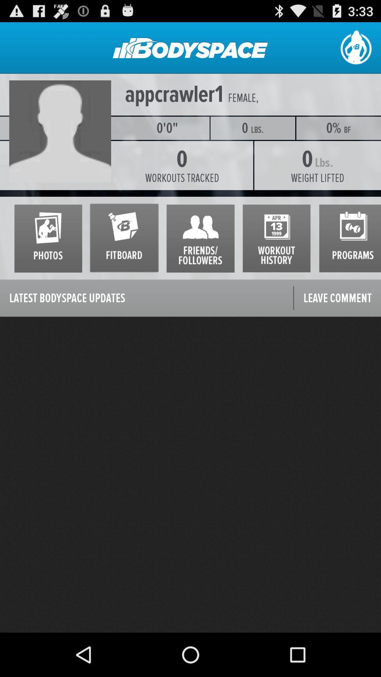 The width and height of the screenshot is (381, 677). What do you see at coordinates (347, 130) in the screenshot?
I see `bf` at bounding box center [347, 130].